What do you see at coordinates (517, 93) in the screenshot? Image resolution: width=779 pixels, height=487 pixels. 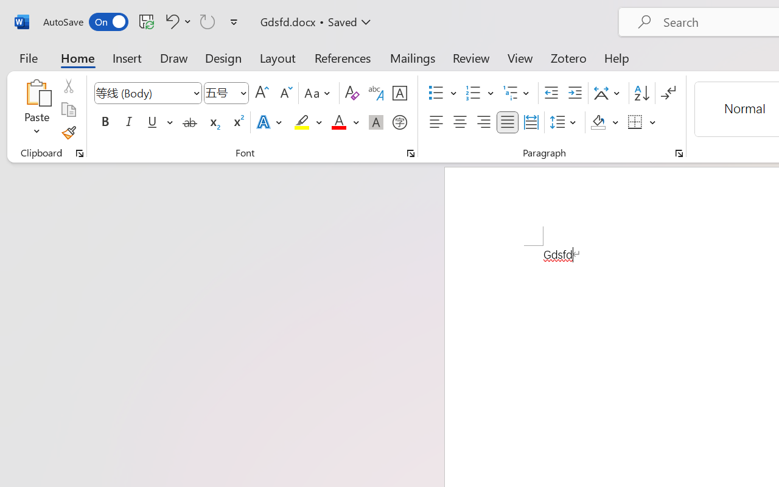 I see `'Multilevel List'` at bounding box center [517, 93].